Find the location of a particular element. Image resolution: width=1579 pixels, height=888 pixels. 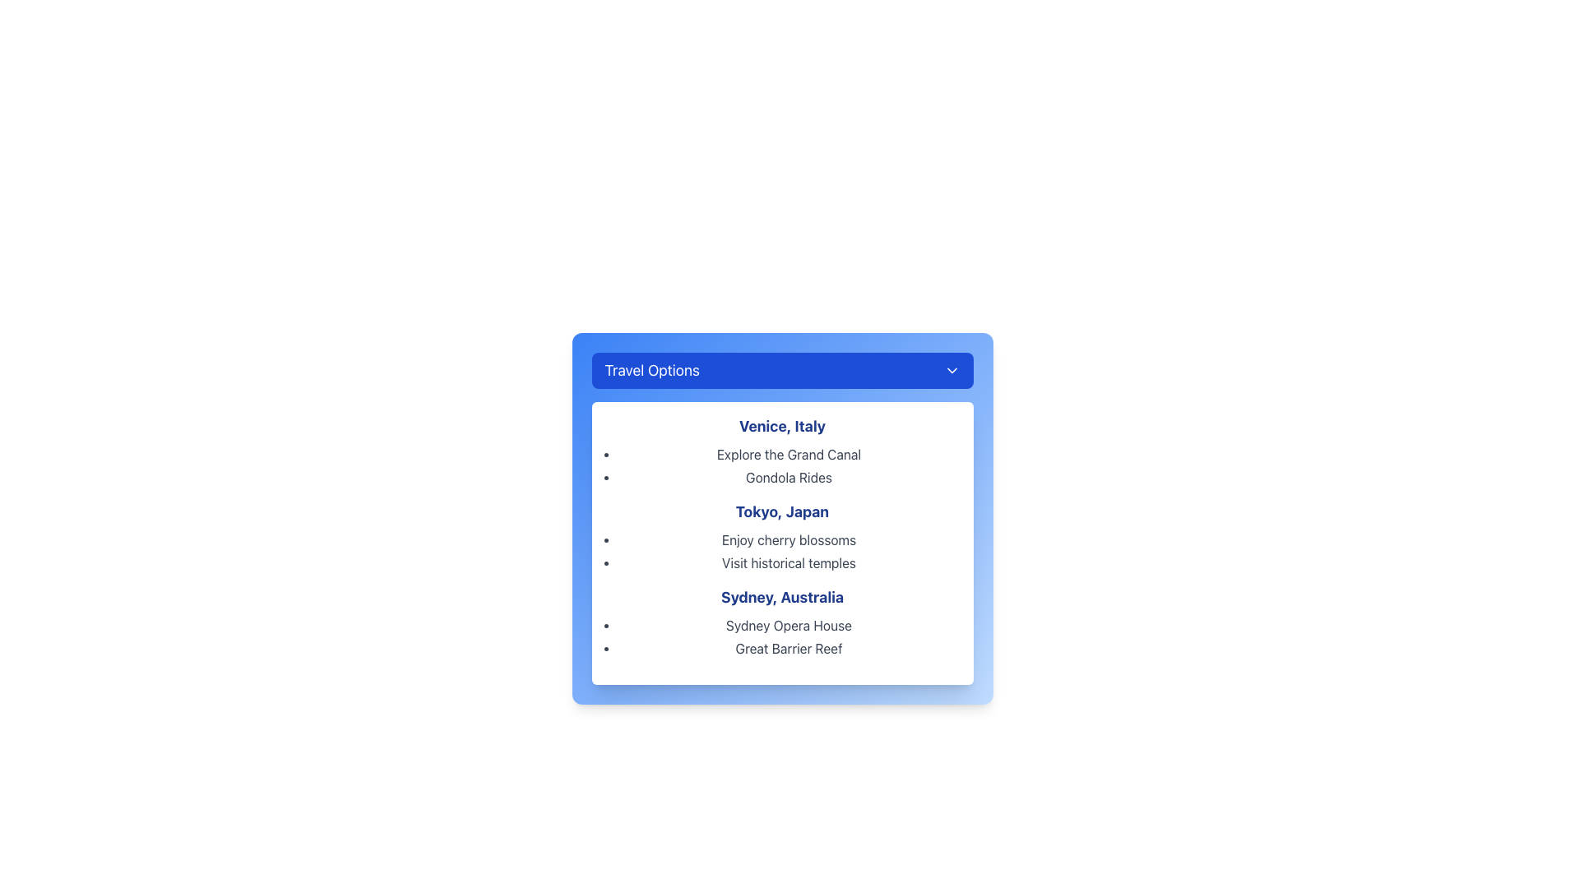

the Label element displaying the text 'Gondola Rides', which is positioned below 'Explore the Grand Canal' and part of the 'Venice, Italy' section is located at coordinates (788, 478).